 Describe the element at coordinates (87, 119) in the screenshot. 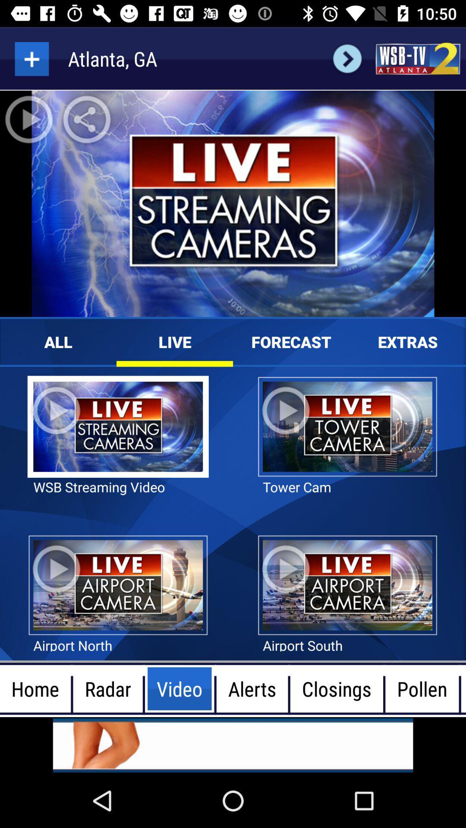

I see `the share icon` at that location.